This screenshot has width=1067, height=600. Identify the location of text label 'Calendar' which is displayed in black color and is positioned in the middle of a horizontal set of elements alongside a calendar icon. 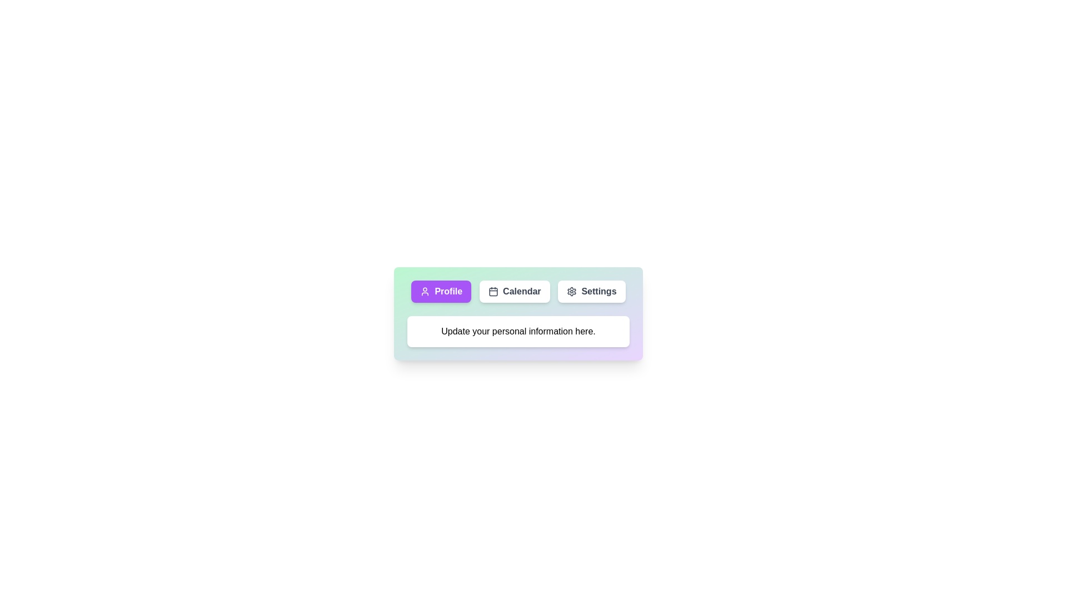
(521, 291).